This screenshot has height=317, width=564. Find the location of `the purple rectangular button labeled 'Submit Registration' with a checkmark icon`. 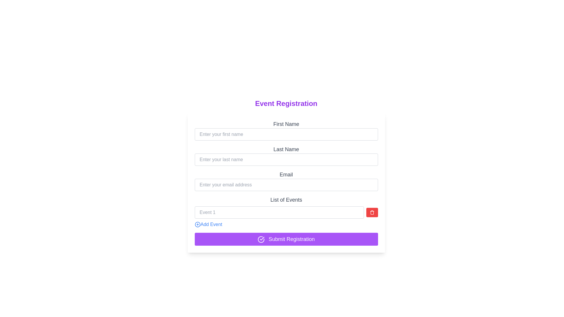

the purple rectangular button labeled 'Submit Registration' with a checkmark icon is located at coordinates (286, 239).